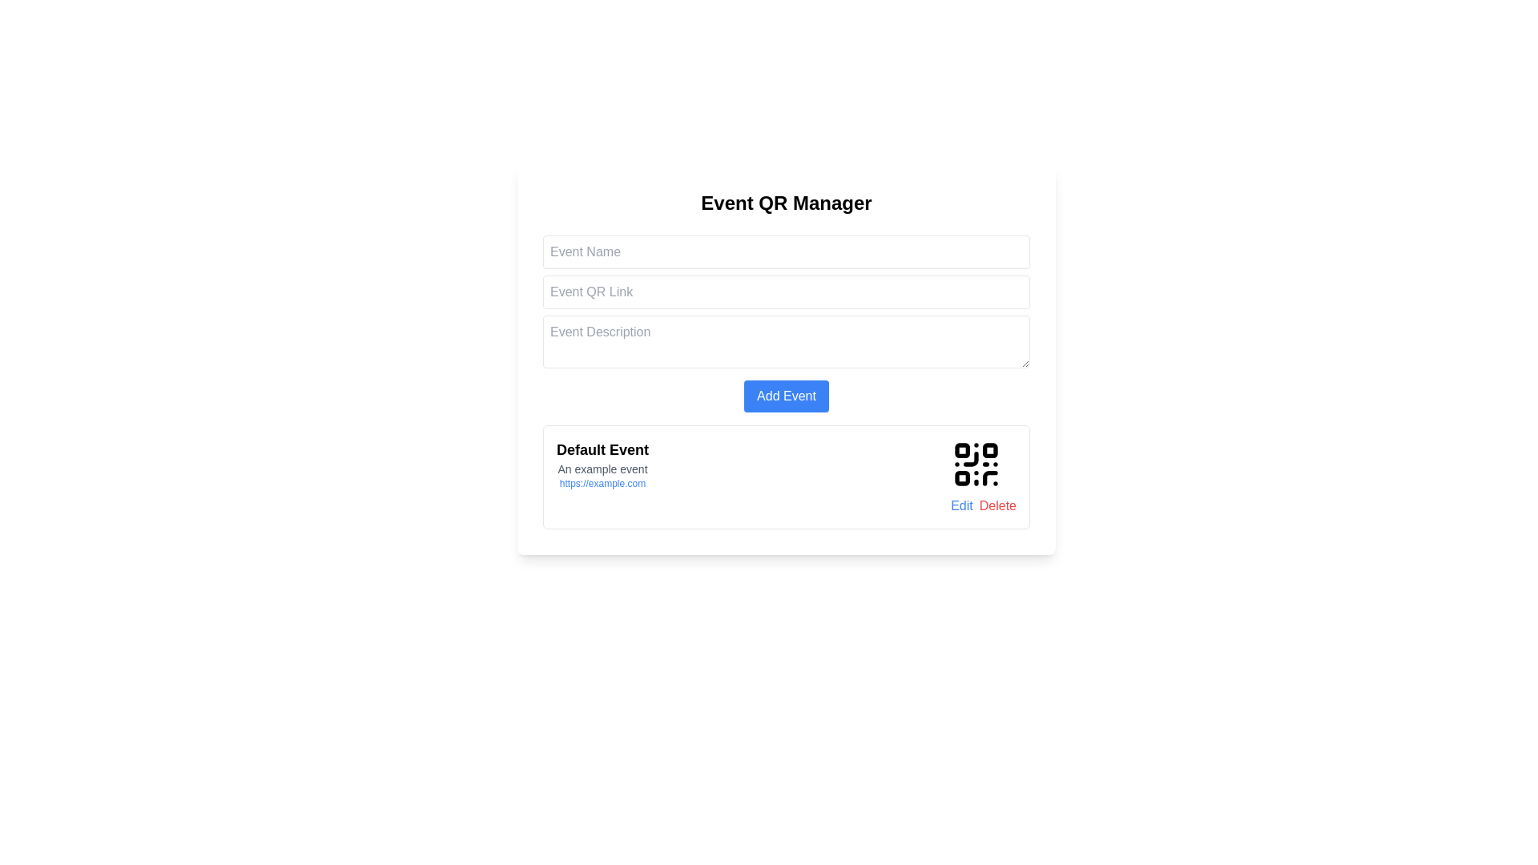 The image size is (1538, 865). Describe the element at coordinates (961, 450) in the screenshot. I see `the small square with rounded corners located in the top-left of the 3x3 grid within the QR code graphic in the bottom-right corner of the card labeled 'Default Event'` at that location.